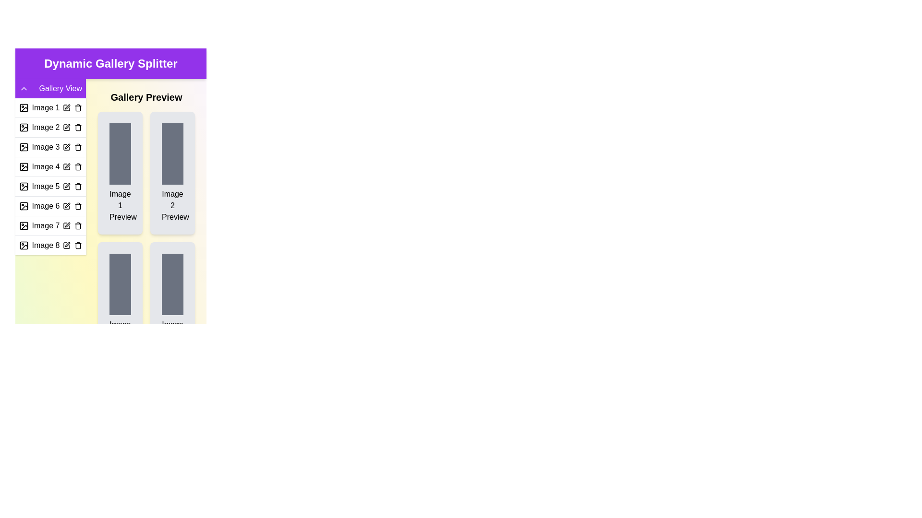 The width and height of the screenshot is (922, 518). Describe the element at coordinates (24, 166) in the screenshot. I see `the leftmost icon representing the image preview for the 'Image 4' item in the 'Gallery View' section` at that location.